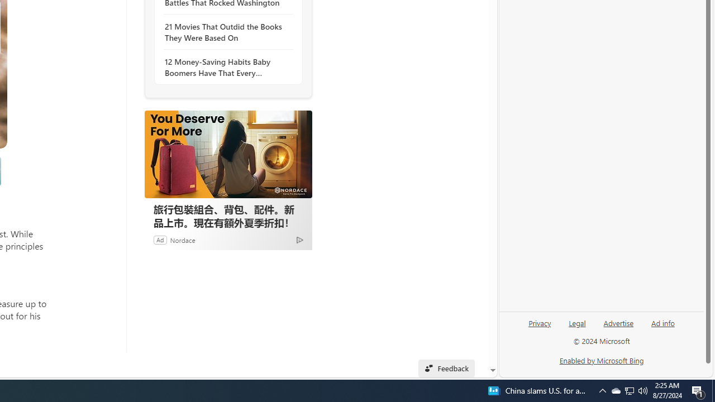 The image size is (715, 402). I want to click on 'Advertise', so click(618, 327).